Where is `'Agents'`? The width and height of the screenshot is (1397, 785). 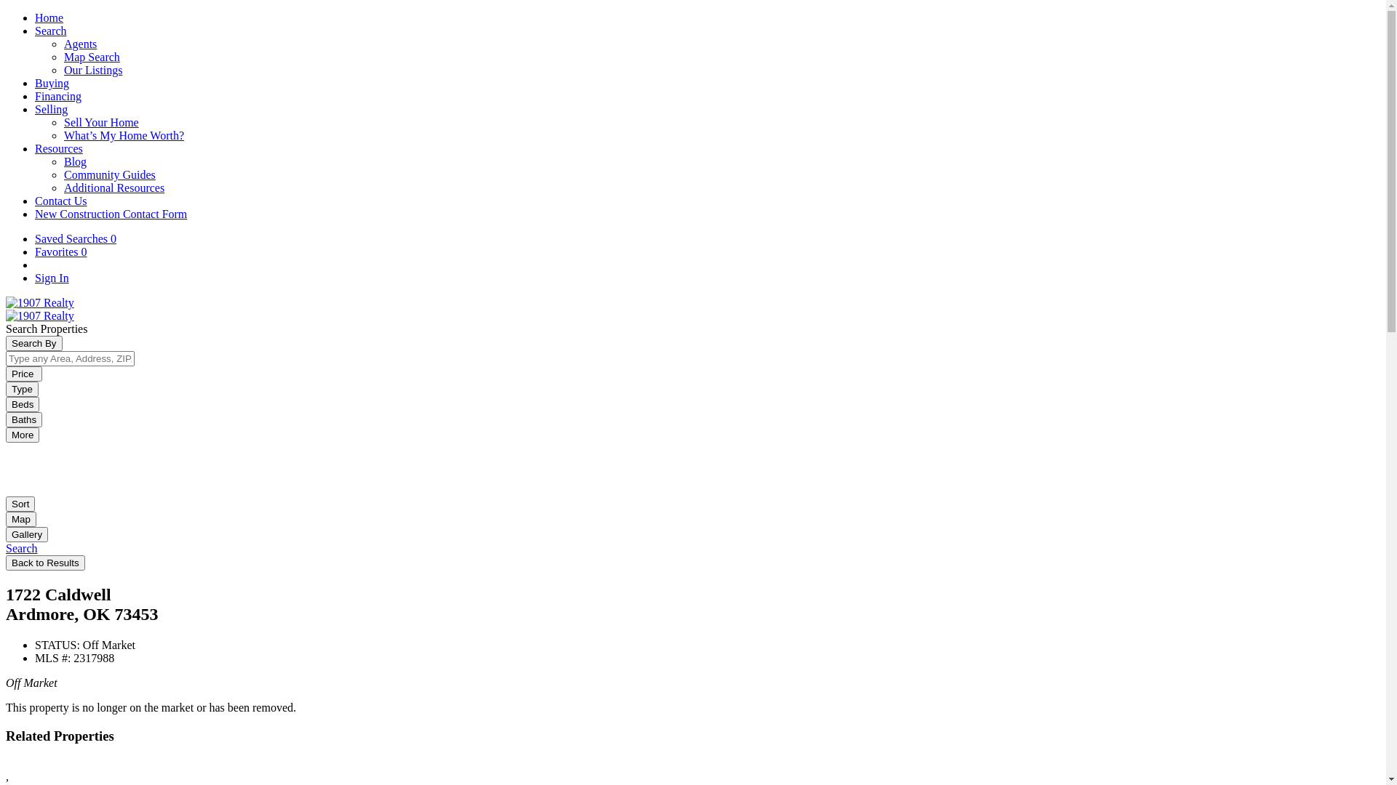 'Agents' is located at coordinates (79, 43).